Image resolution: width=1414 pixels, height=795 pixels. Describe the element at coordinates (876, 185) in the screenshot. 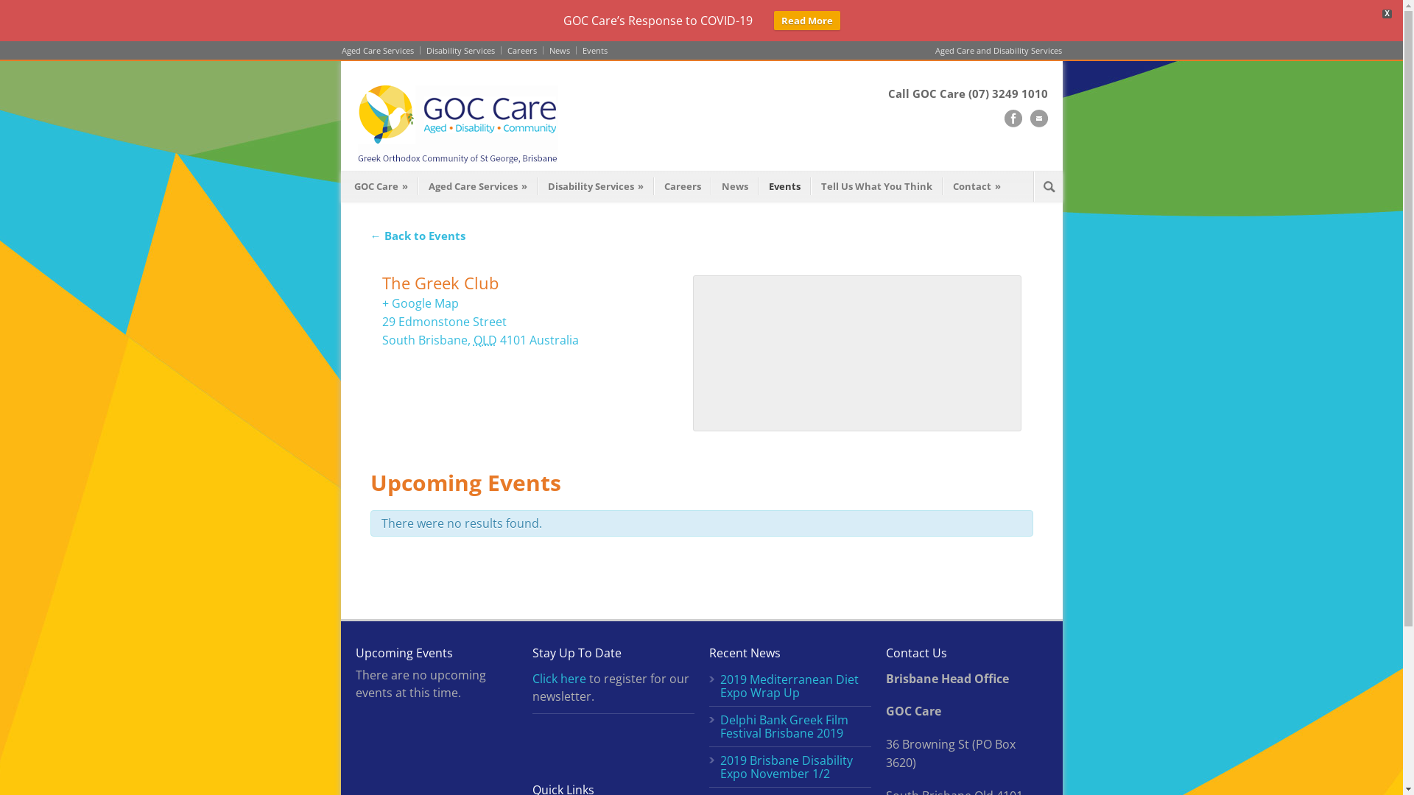

I see `'Tell Us What You Think'` at that location.